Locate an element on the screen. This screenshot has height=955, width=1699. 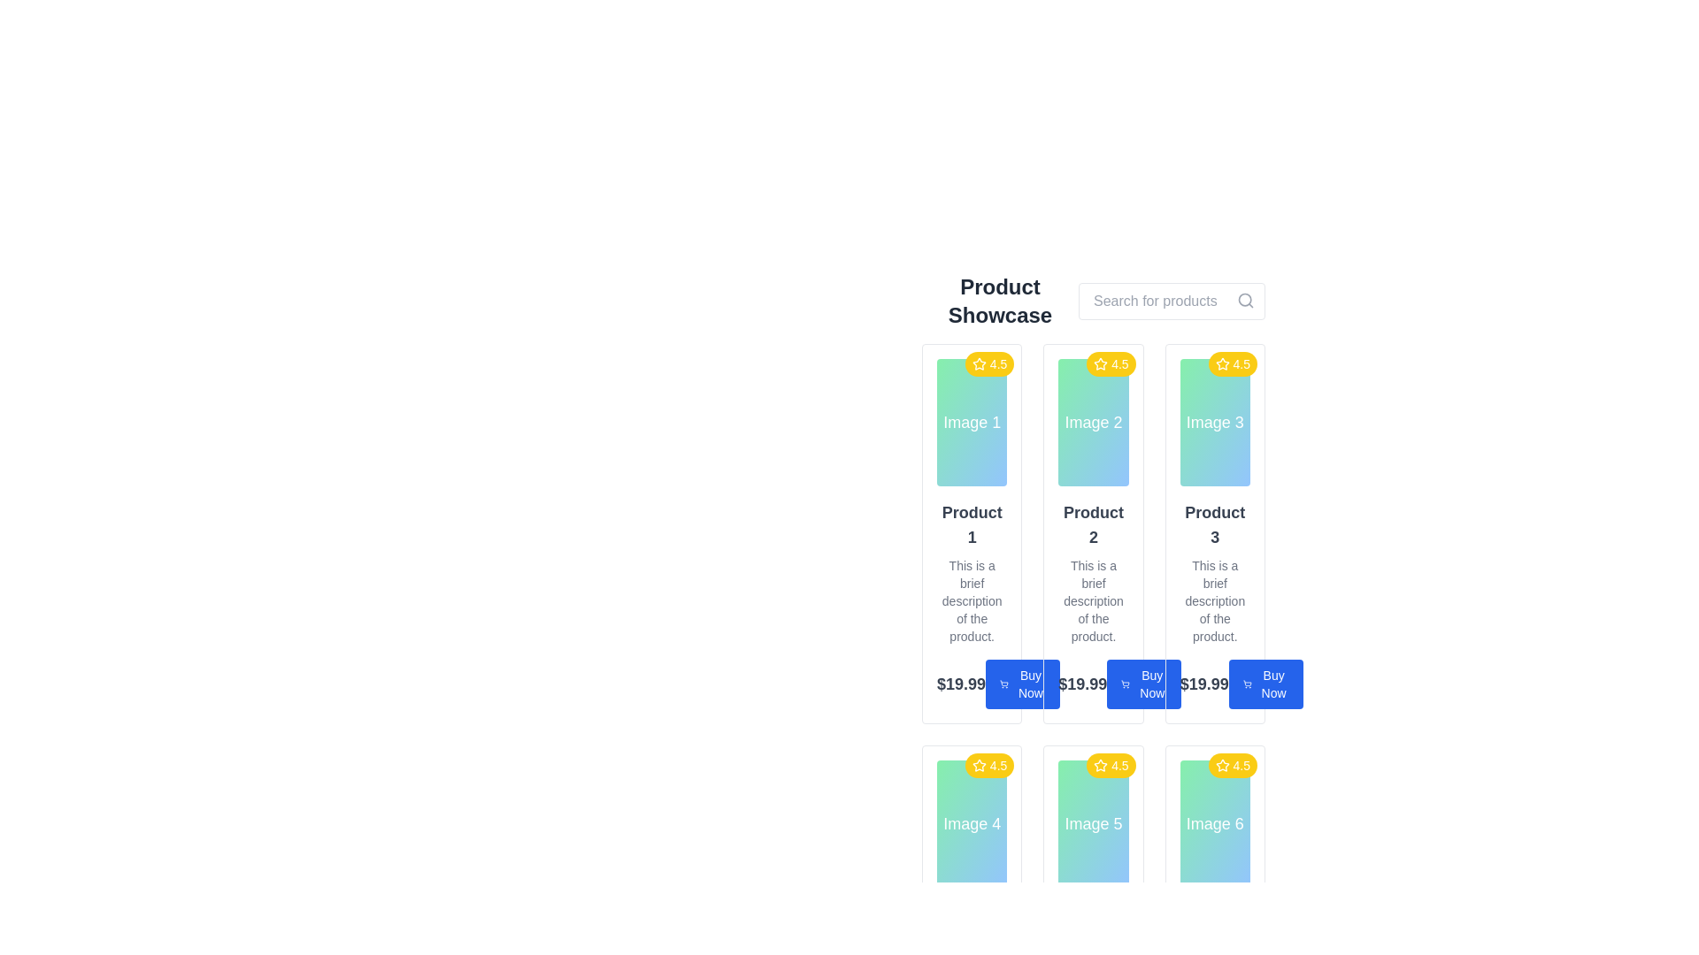
text block element containing 'This is a brief description of the product.' located beneath the title 'Product 1' and above the price label is located at coordinates (971, 600).